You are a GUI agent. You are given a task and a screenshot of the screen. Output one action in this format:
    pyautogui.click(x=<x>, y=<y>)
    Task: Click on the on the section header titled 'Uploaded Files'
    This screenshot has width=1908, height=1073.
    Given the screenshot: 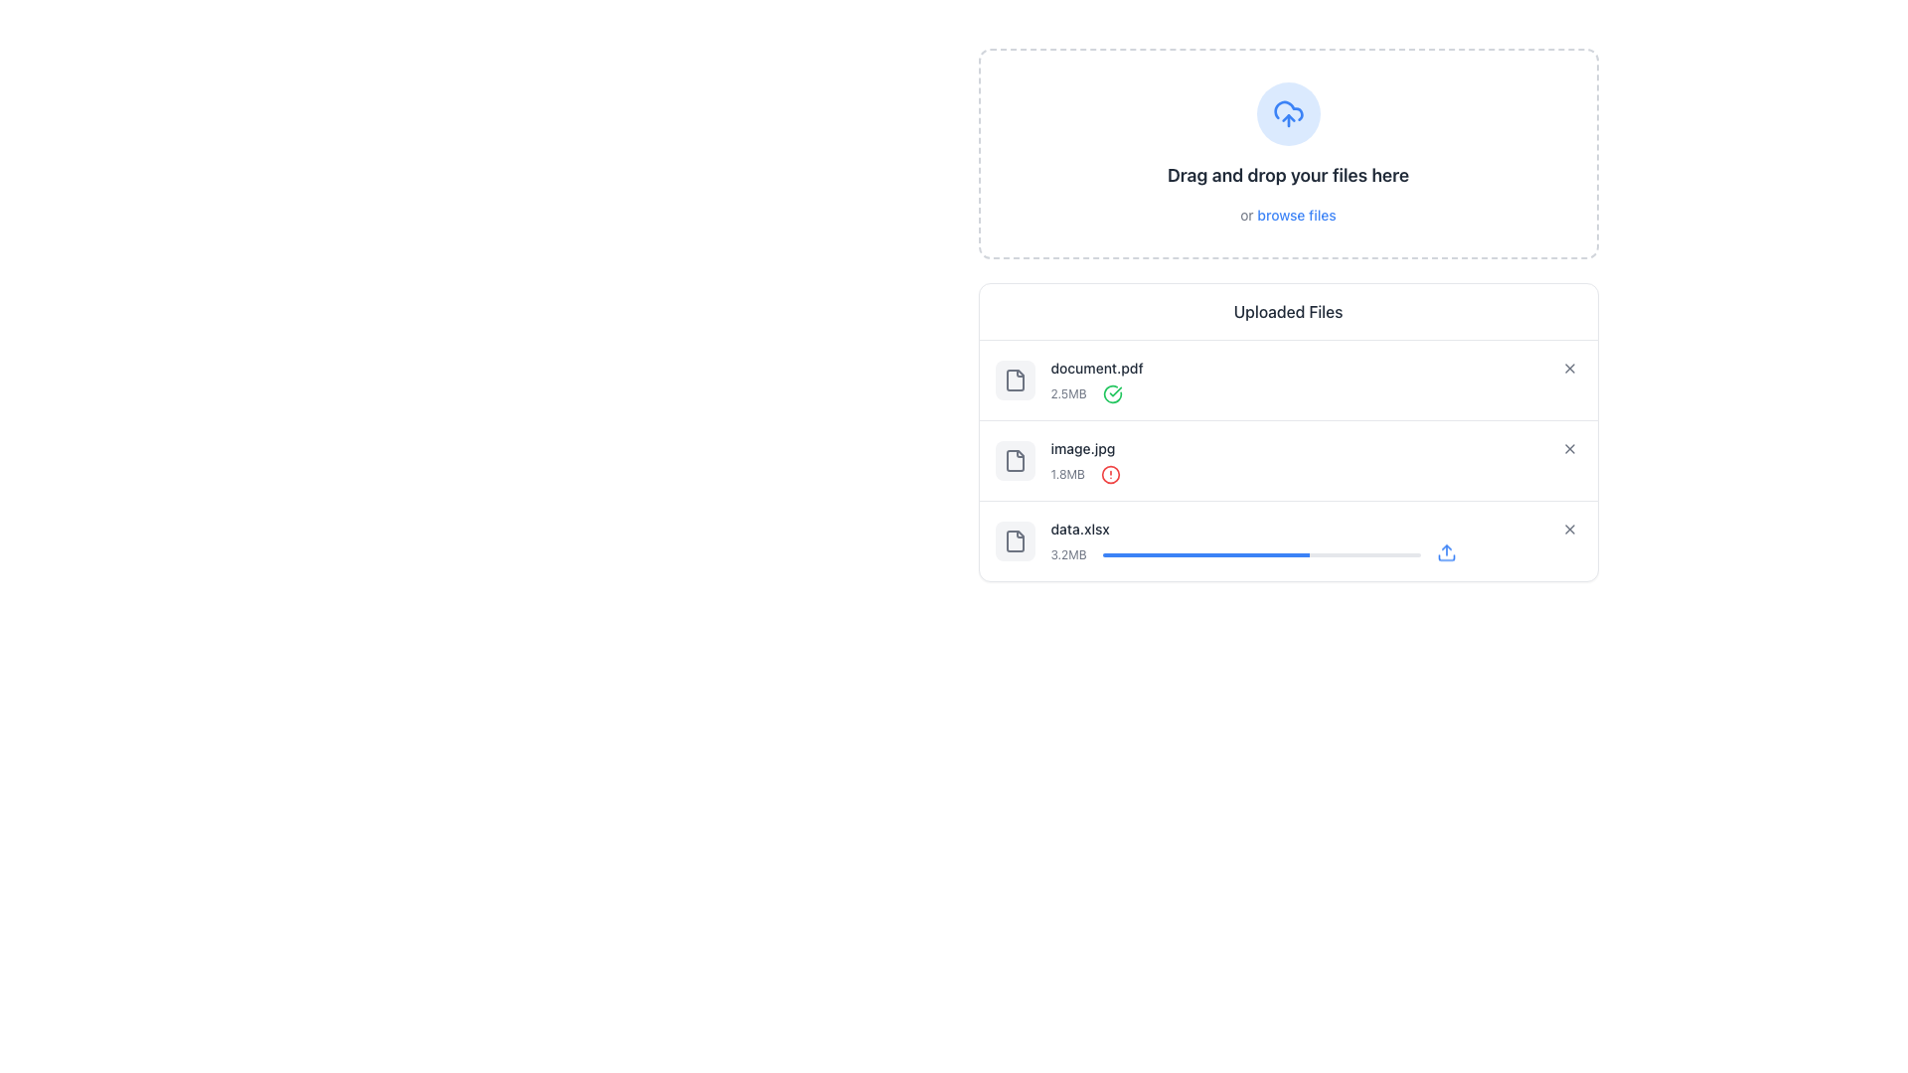 What is the action you would take?
    pyautogui.click(x=1288, y=312)
    